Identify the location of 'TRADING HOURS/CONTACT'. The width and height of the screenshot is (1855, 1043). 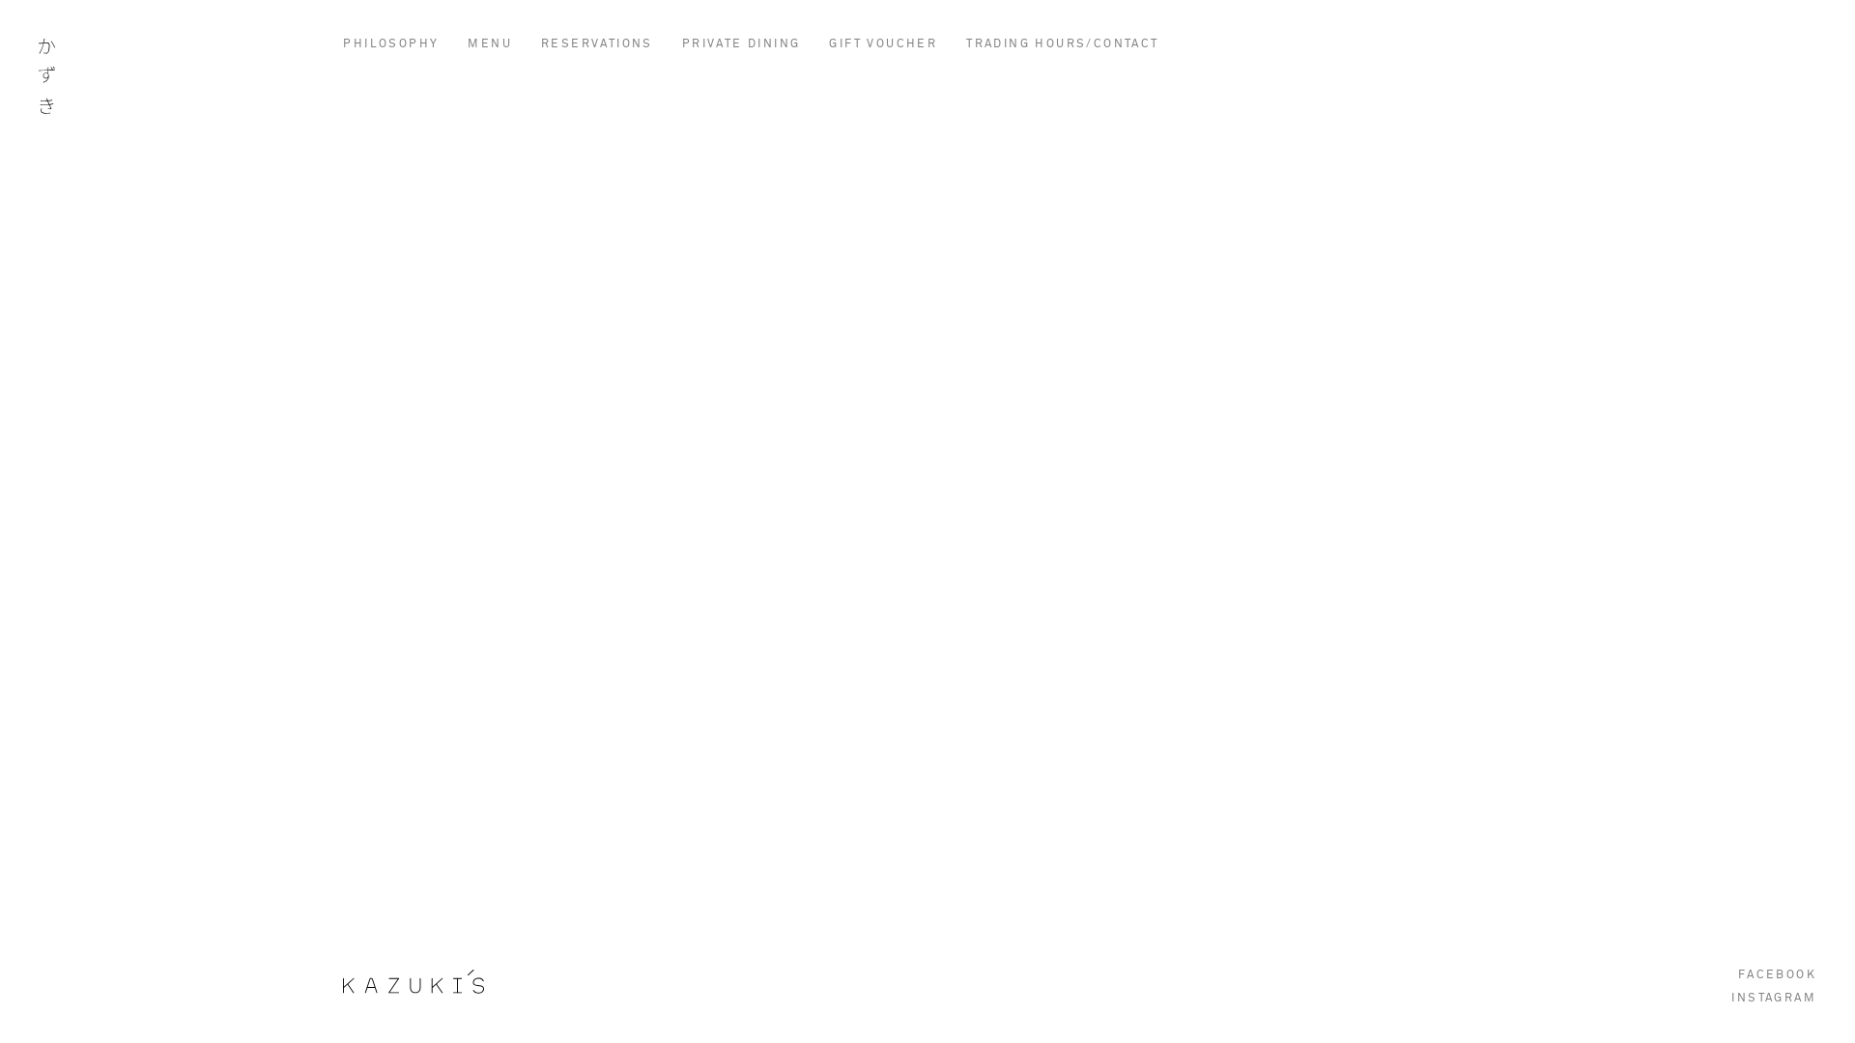
(1061, 43).